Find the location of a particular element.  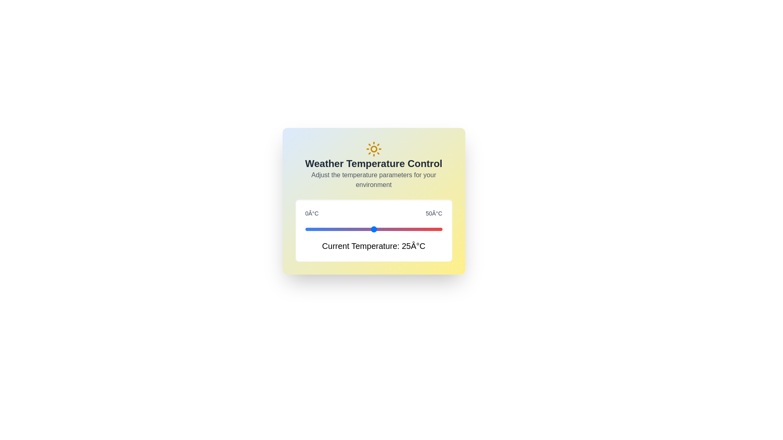

the temperature to 0°C using the slider is located at coordinates (305, 229).